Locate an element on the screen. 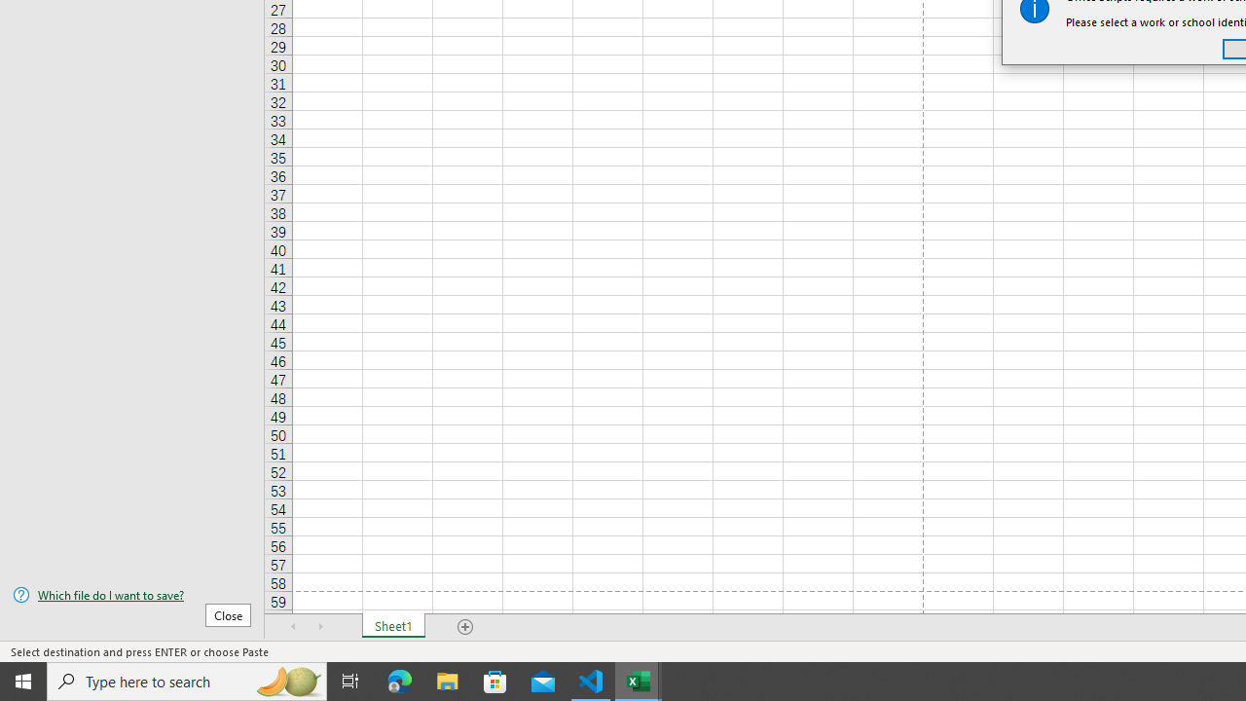  'Add Sheet' is located at coordinates (464, 627).